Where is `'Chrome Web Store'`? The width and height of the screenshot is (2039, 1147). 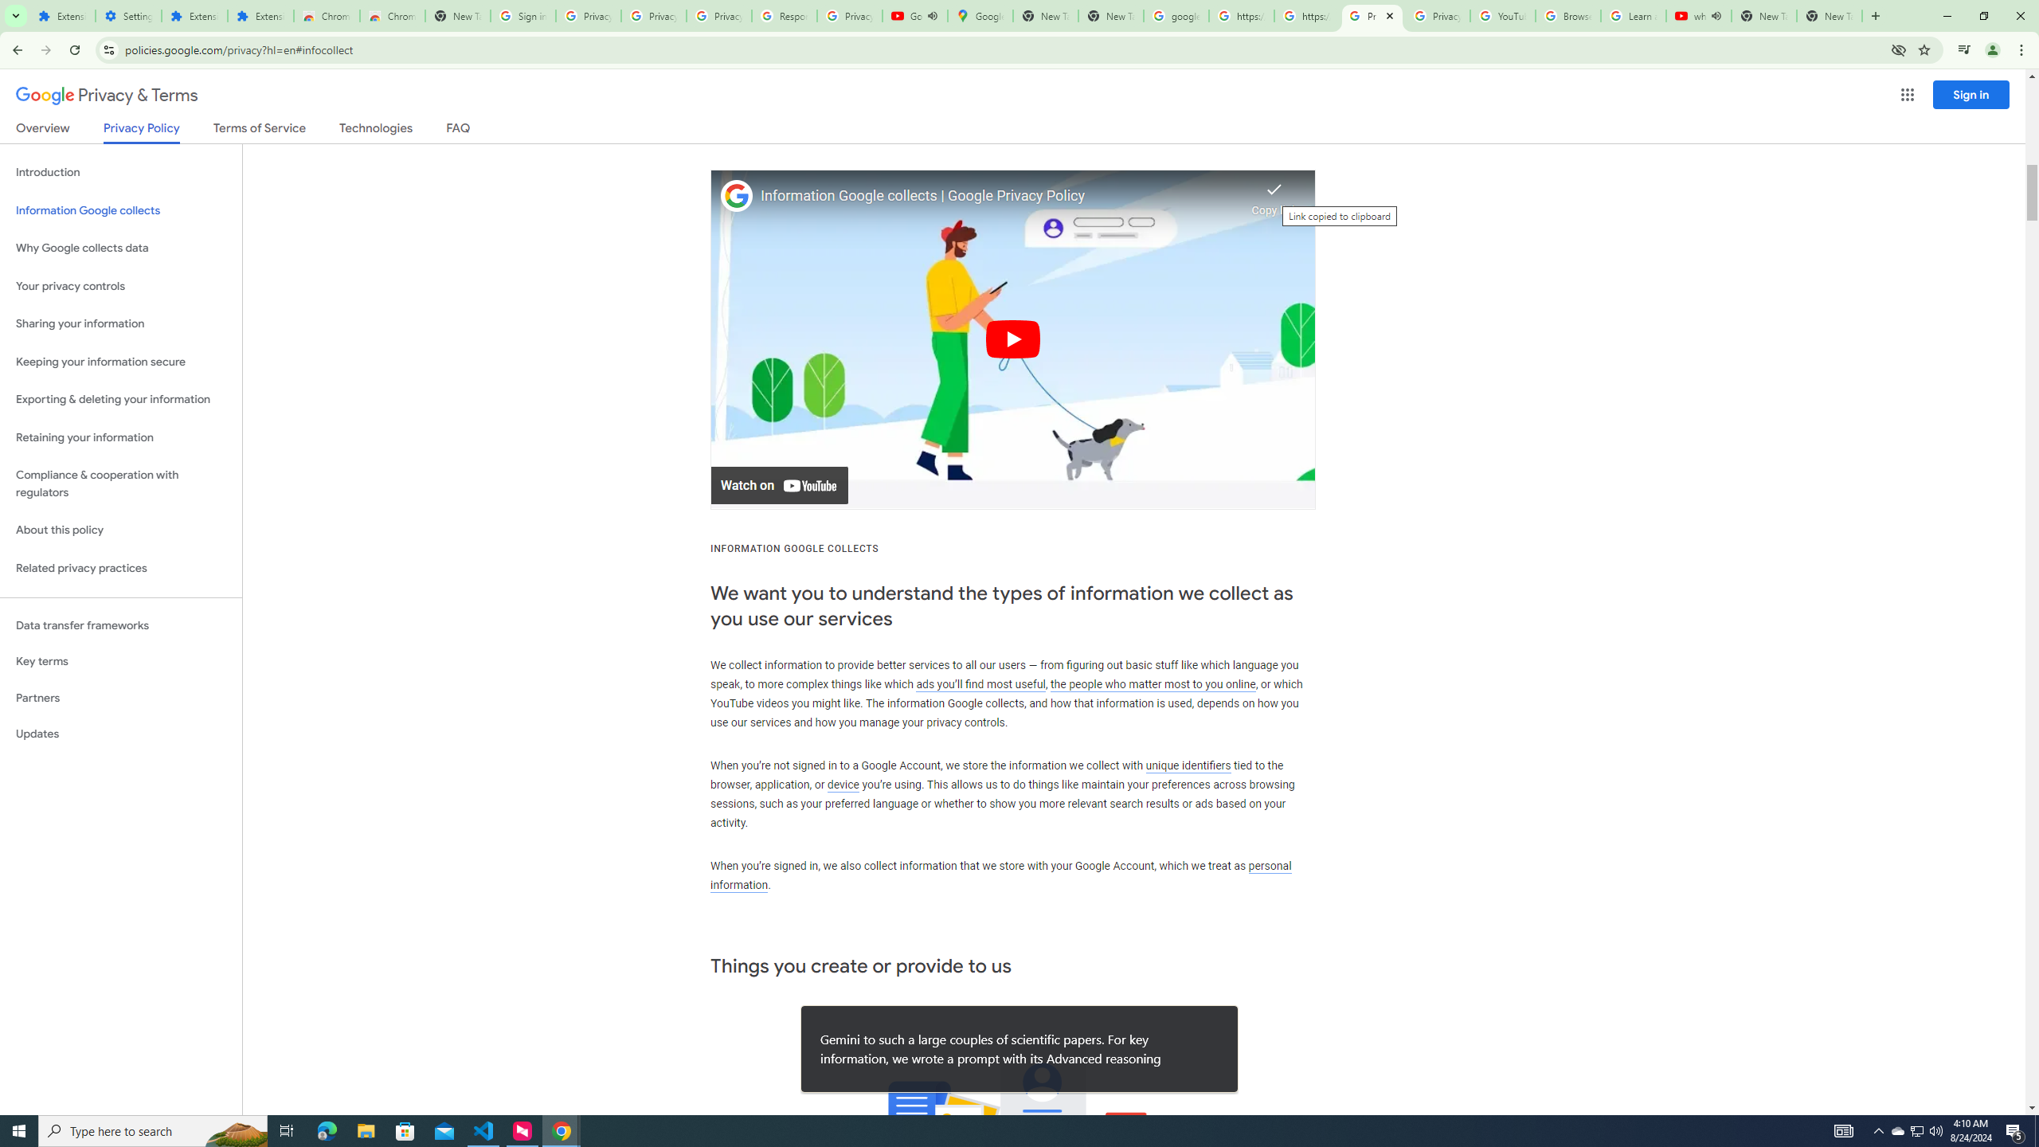
'Chrome Web Store' is located at coordinates (326, 15).